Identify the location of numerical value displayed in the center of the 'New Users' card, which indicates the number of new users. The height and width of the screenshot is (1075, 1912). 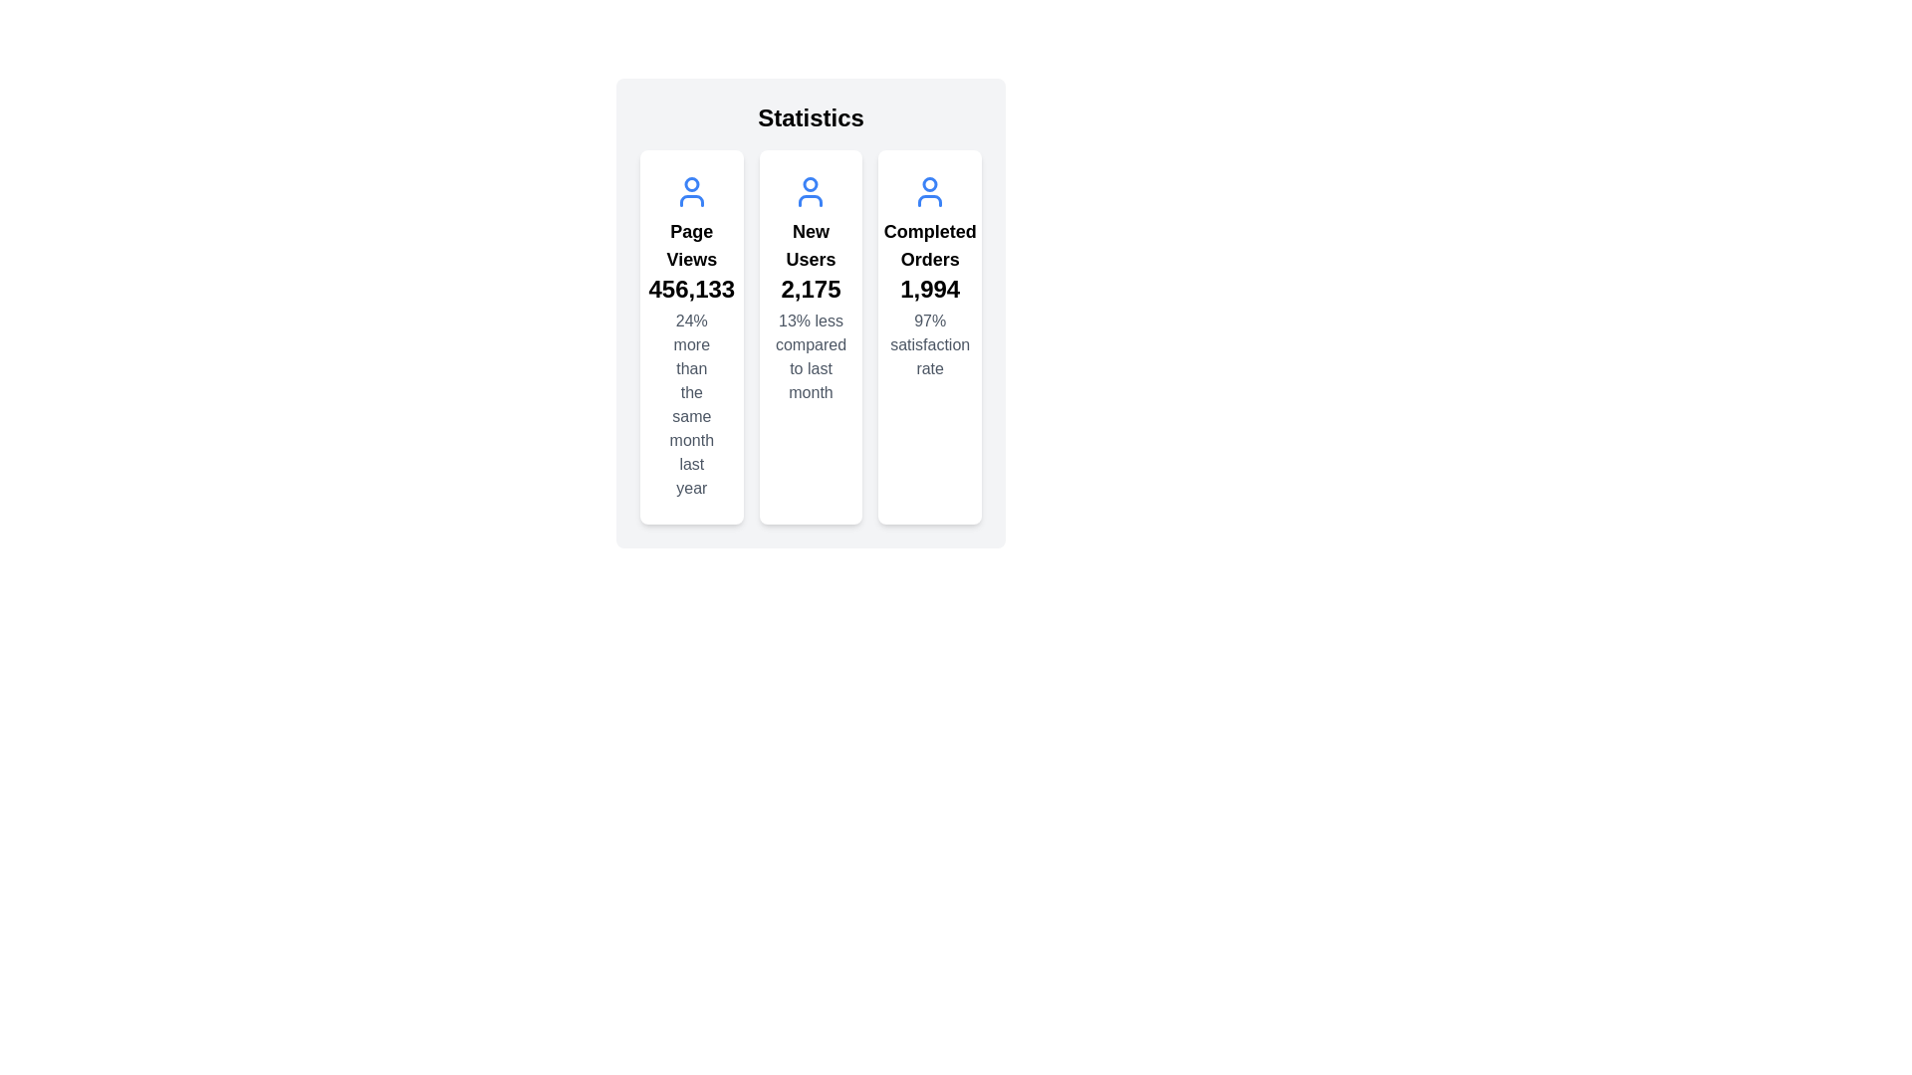
(811, 289).